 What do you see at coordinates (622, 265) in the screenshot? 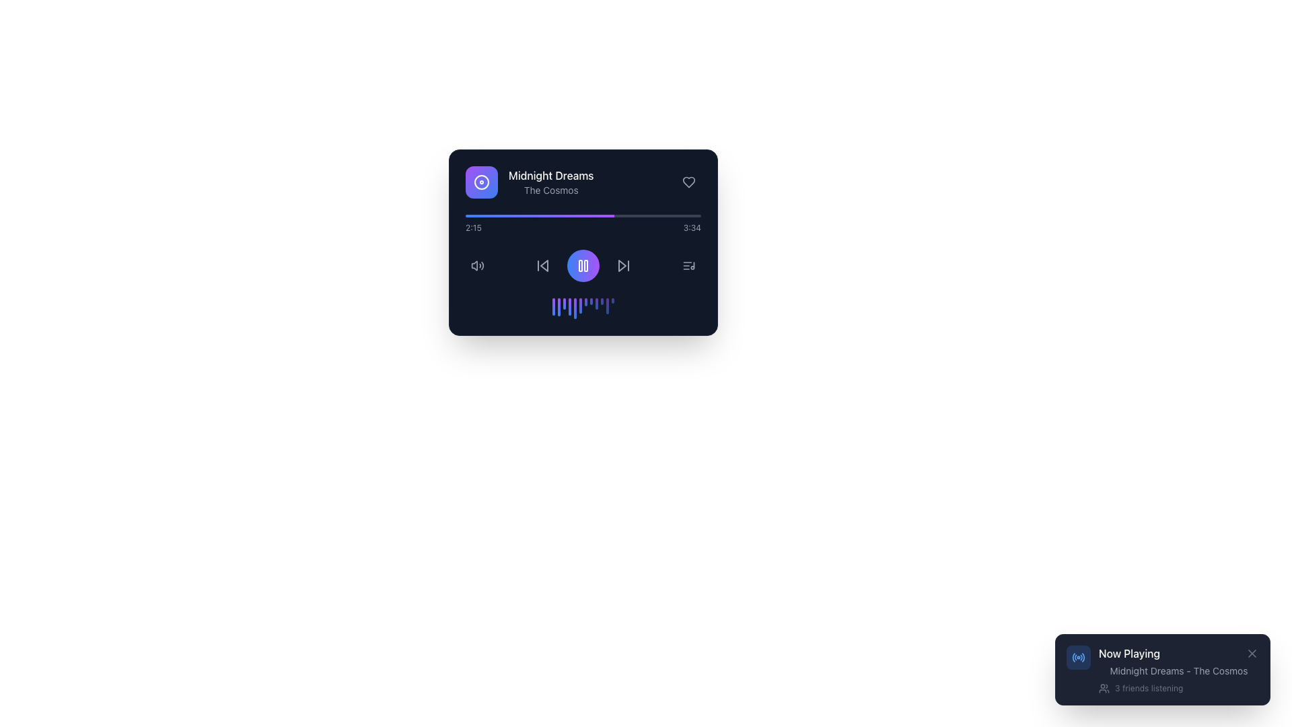
I see `the 'Skip Forward' button, which is the third interactive control from the left in the bottom center control bar of the music player interface, to change its color` at bounding box center [622, 265].